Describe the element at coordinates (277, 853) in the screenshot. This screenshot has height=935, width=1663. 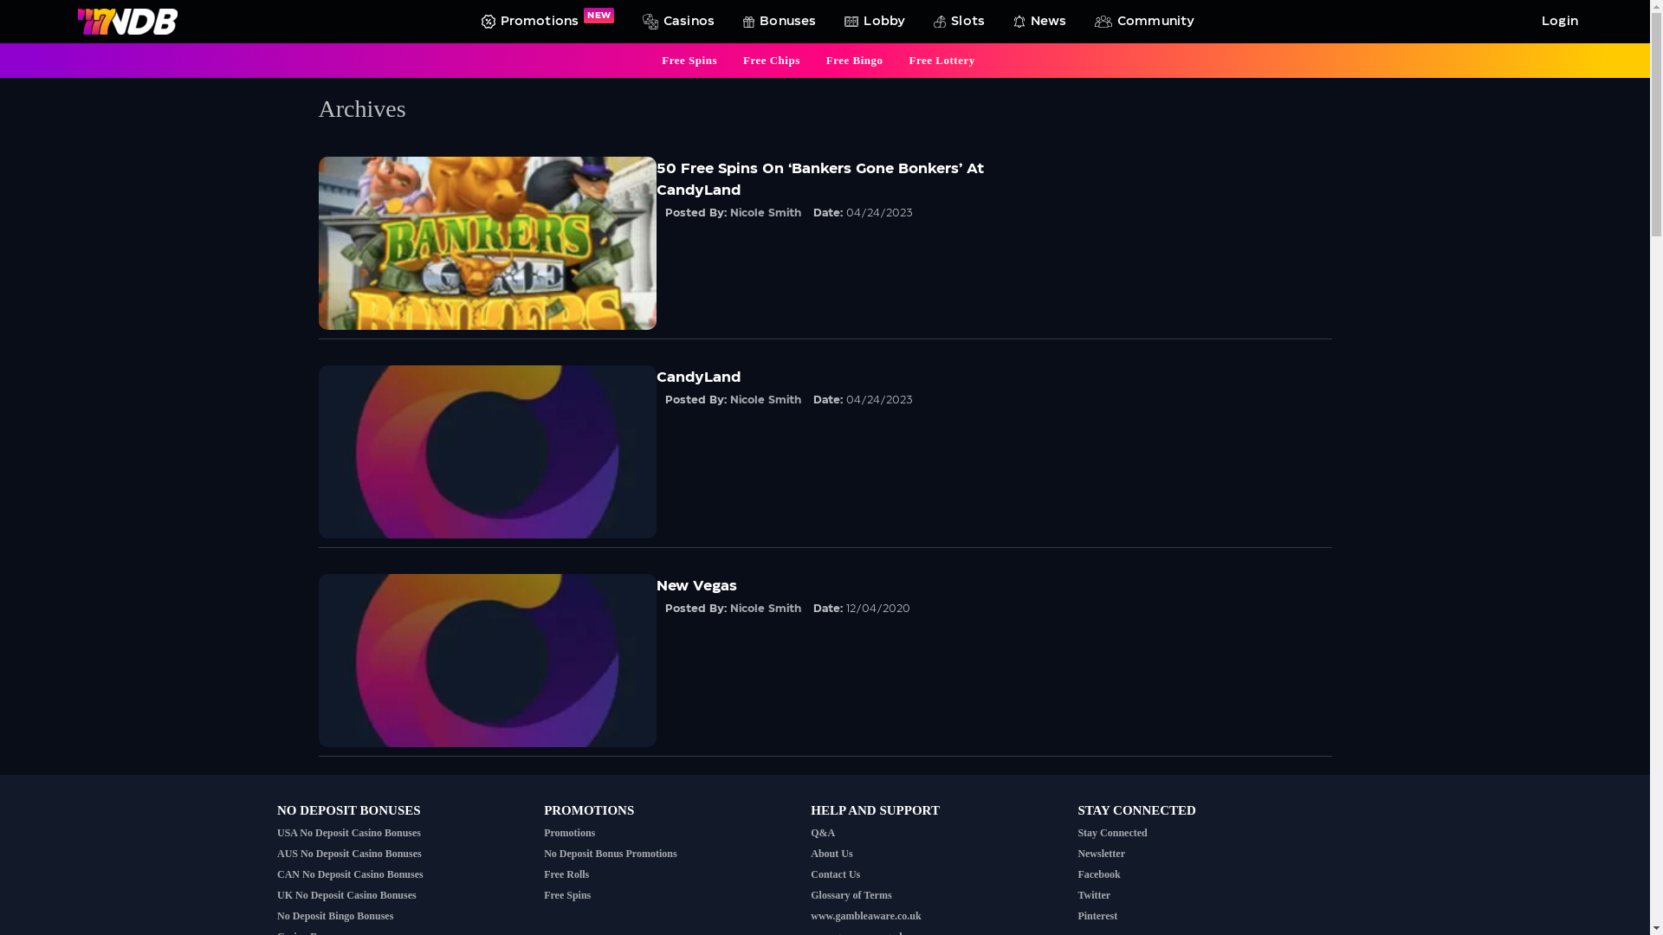
I see `'AUS No Deposit Casino Bonuses'` at that location.